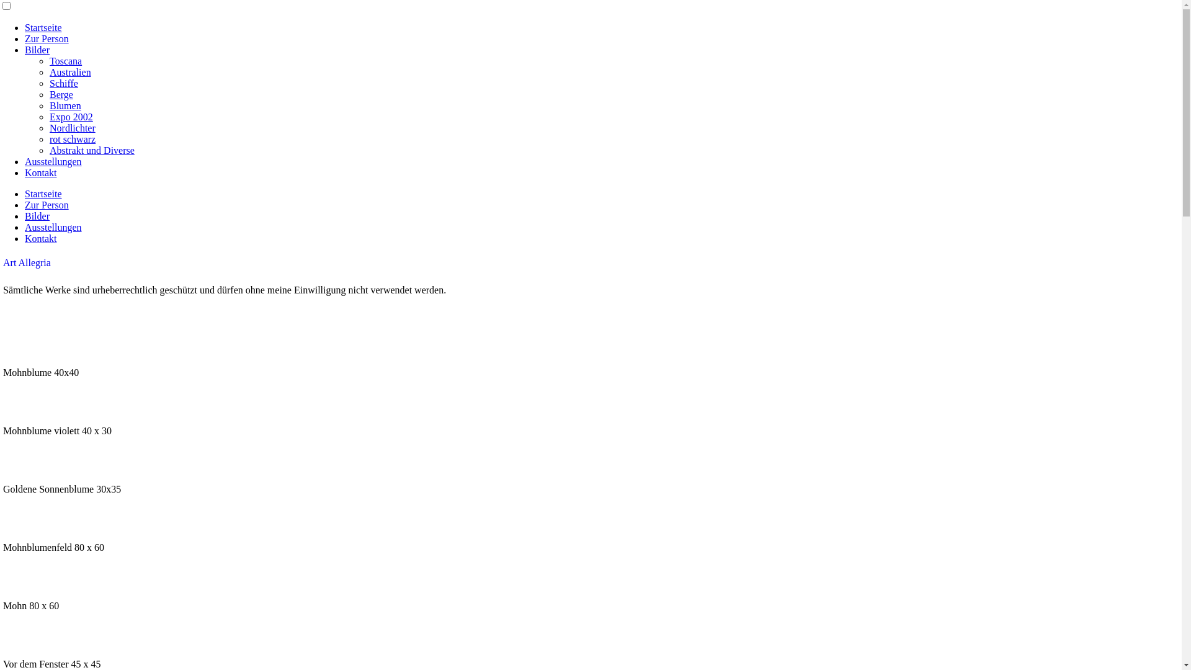 This screenshot has width=1191, height=670. I want to click on 'Bilder', so click(37, 215).